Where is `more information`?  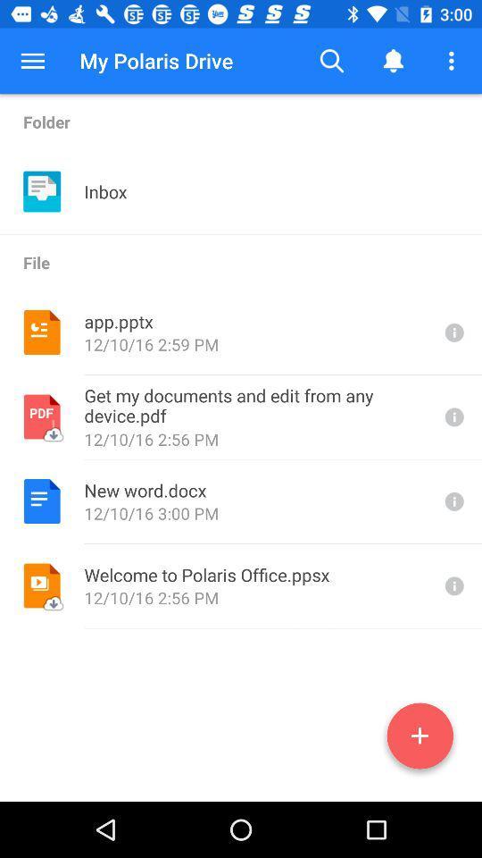
more information is located at coordinates (453, 332).